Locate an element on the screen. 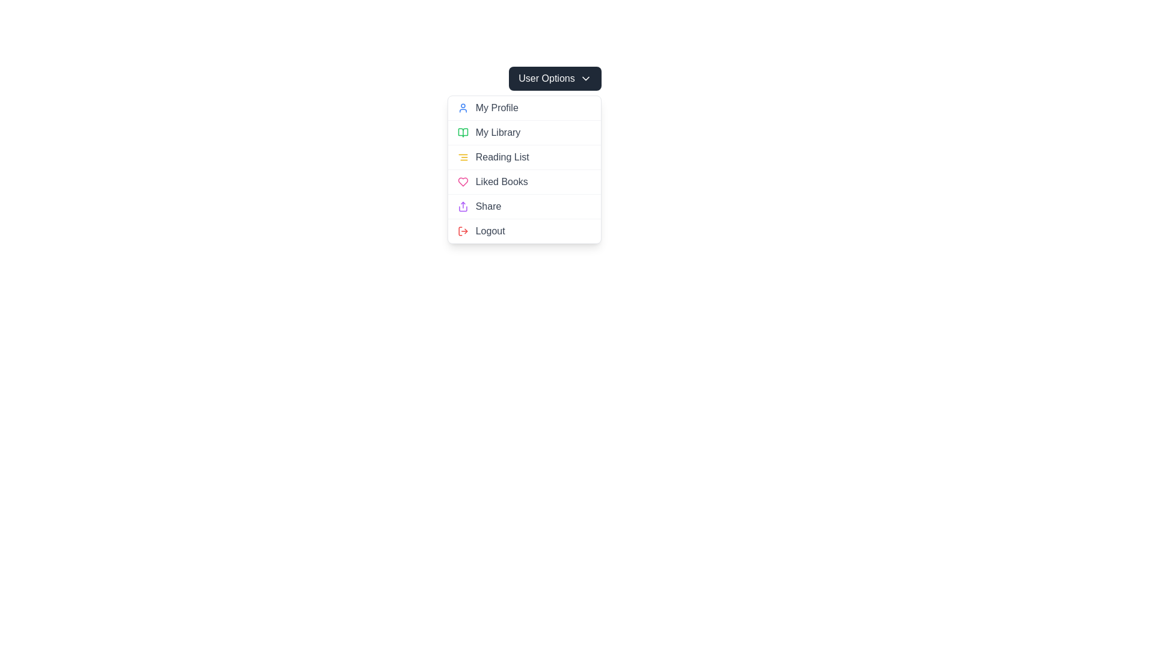  the 'Liked Books' text label, which is styled in gray and located within the fourth item of the dropdown menu under 'User Options' is located at coordinates (502, 182).